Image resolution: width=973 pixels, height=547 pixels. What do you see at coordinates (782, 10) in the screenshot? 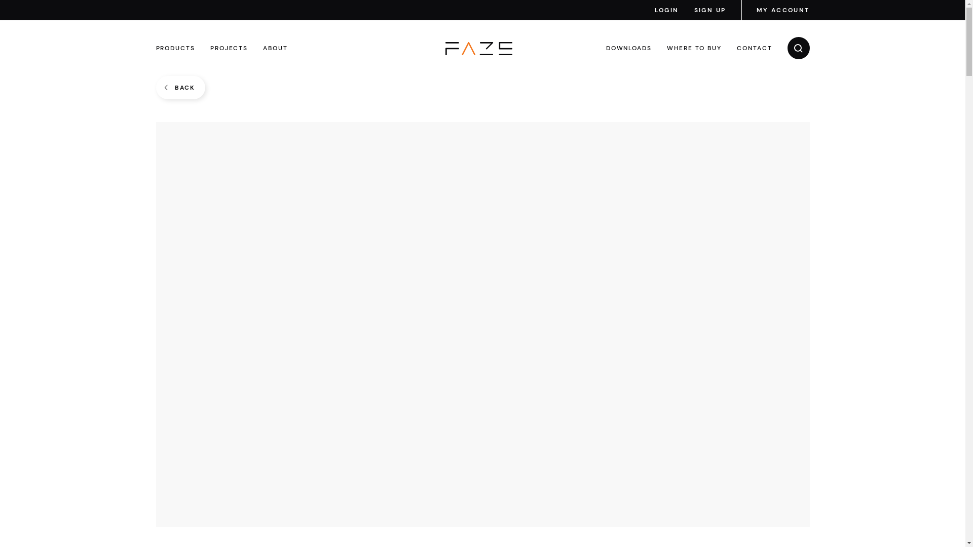
I see `'MY ACCOUNT'` at bounding box center [782, 10].